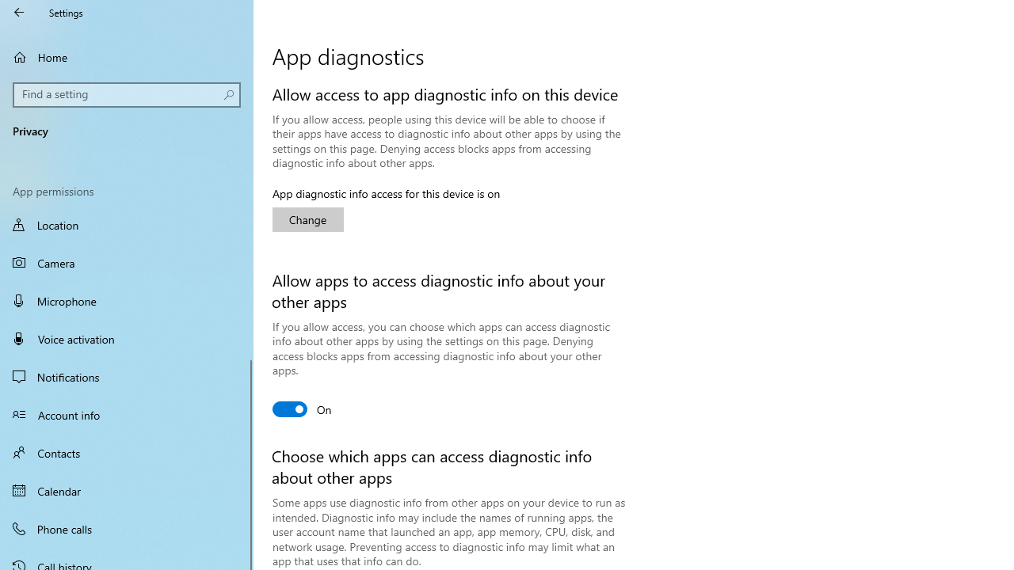 The image size is (1014, 570). I want to click on 'Calendar', so click(127, 489).